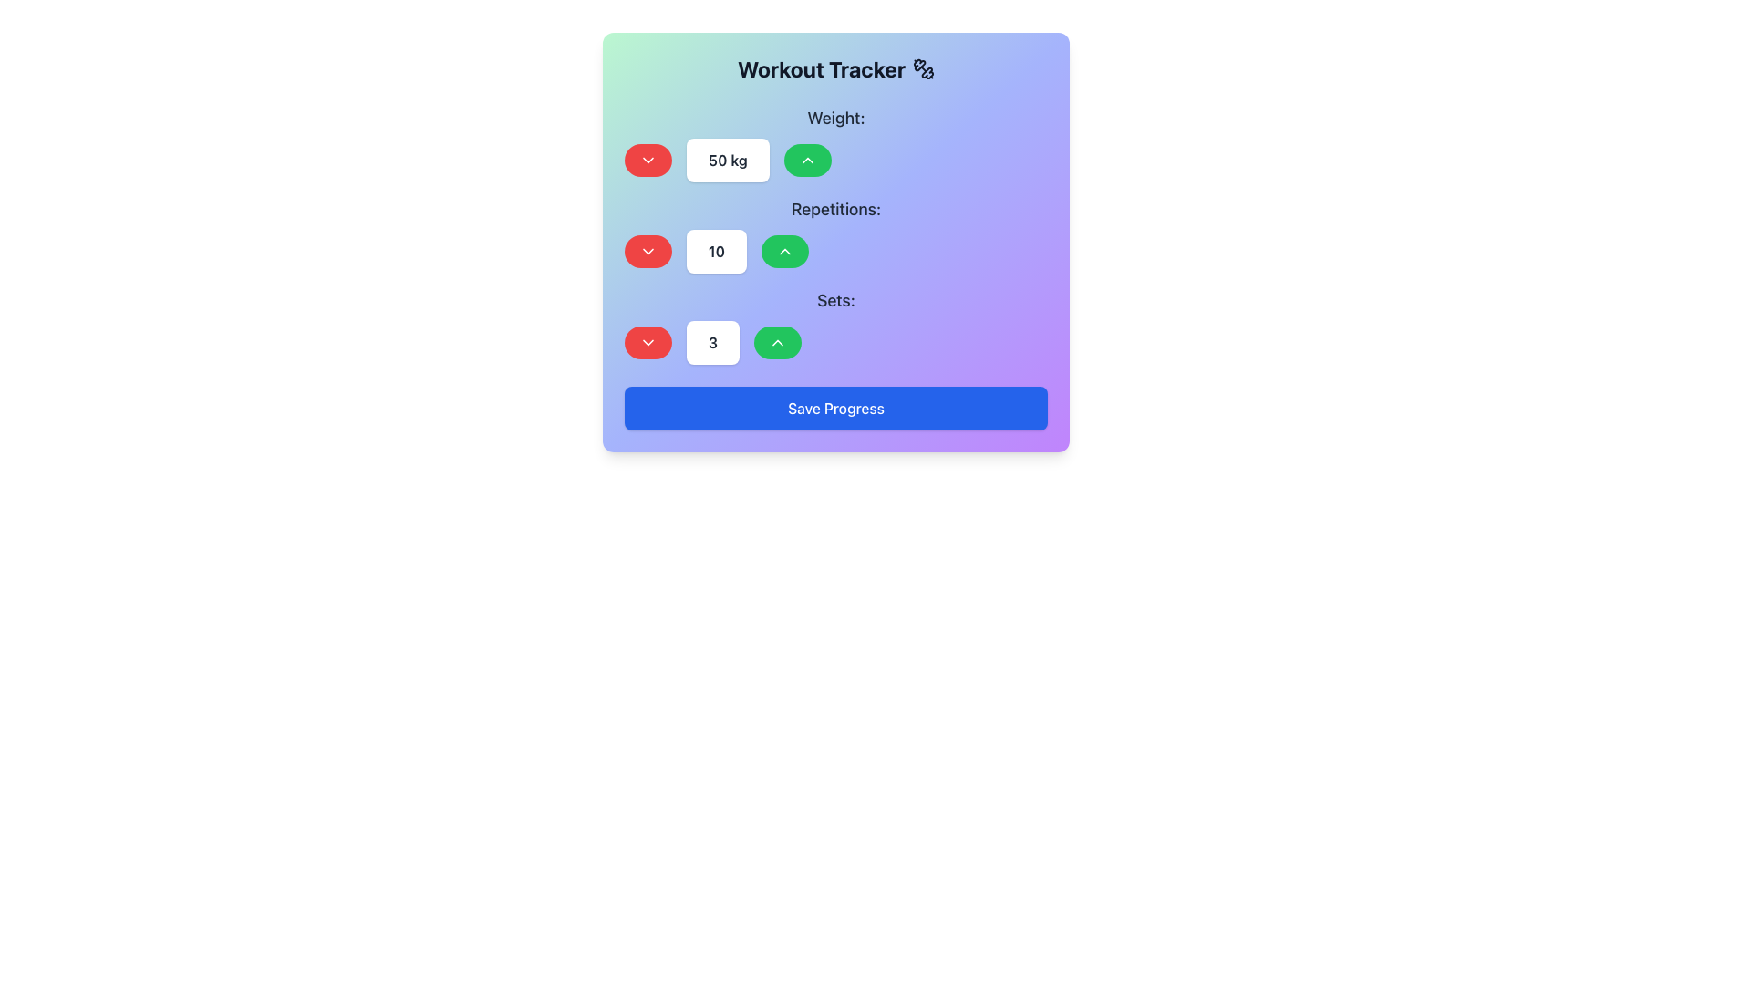 Image resolution: width=1751 pixels, height=985 pixels. I want to click on displayed value from the rectangular number display showing '10' in bold black text, which is centered on a white background with rounded corners, so click(716, 252).